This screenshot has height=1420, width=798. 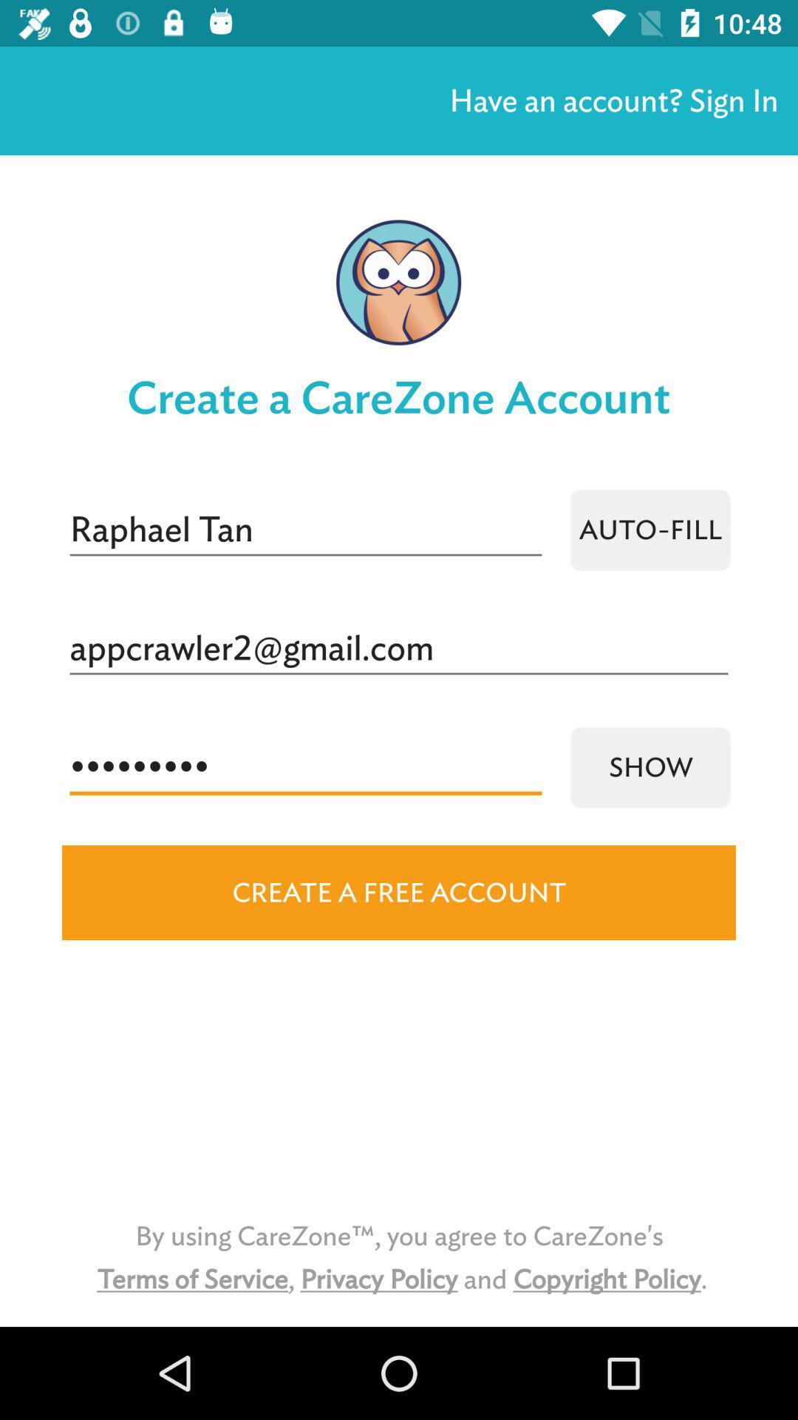 What do you see at coordinates (649, 530) in the screenshot?
I see `the auto-fill item` at bounding box center [649, 530].